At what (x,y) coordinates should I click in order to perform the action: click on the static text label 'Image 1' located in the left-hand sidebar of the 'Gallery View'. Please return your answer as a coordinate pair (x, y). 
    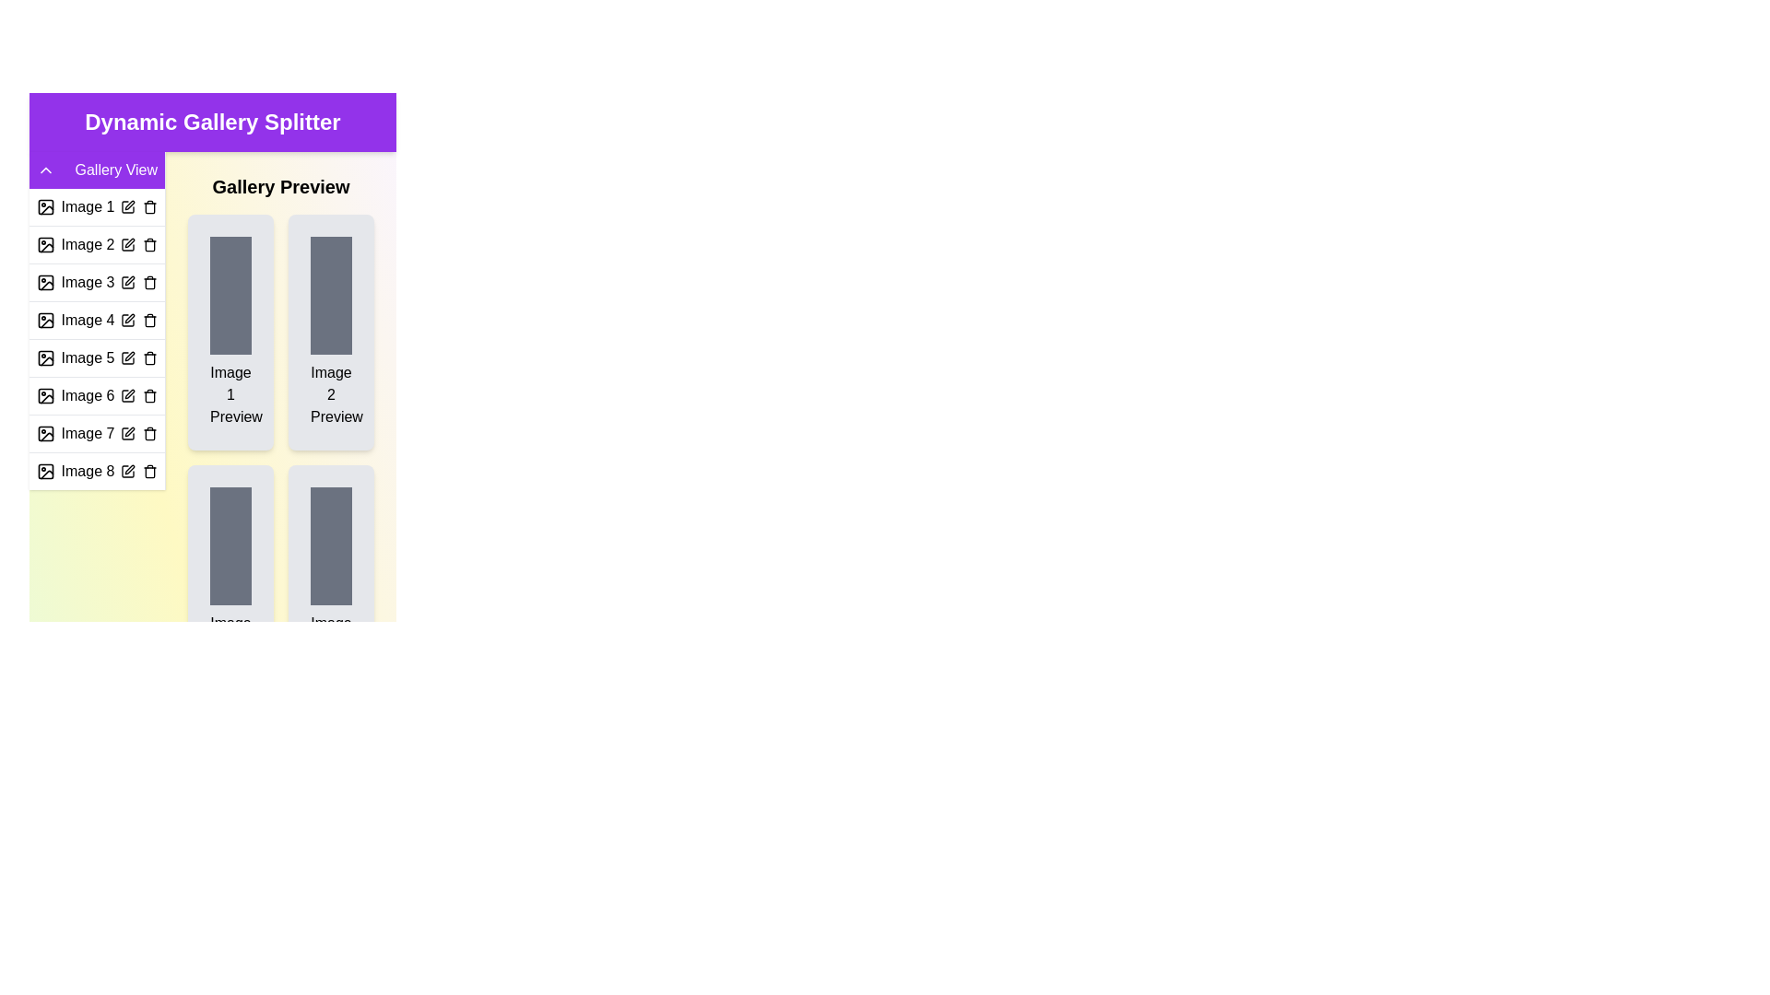
    Looking at the image, I should click on (87, 206).